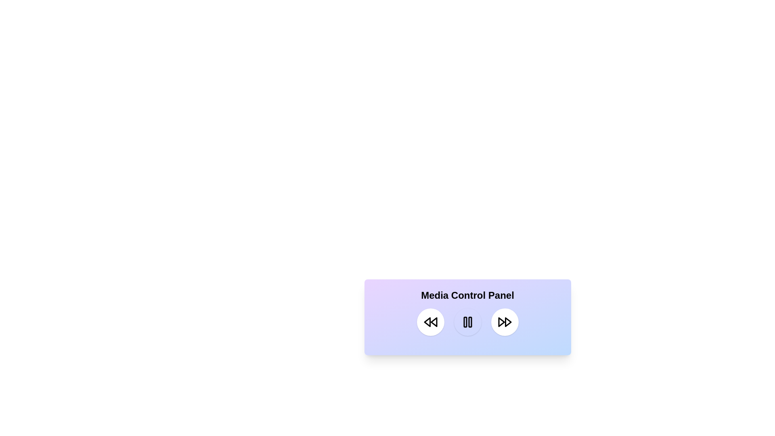 This screenshot has width=775, height=436. Describe the element at coordinates (427, 322) in the screenshot. I see `the backward arrow icon within the leftmost circular button in the media control panel` at that location.